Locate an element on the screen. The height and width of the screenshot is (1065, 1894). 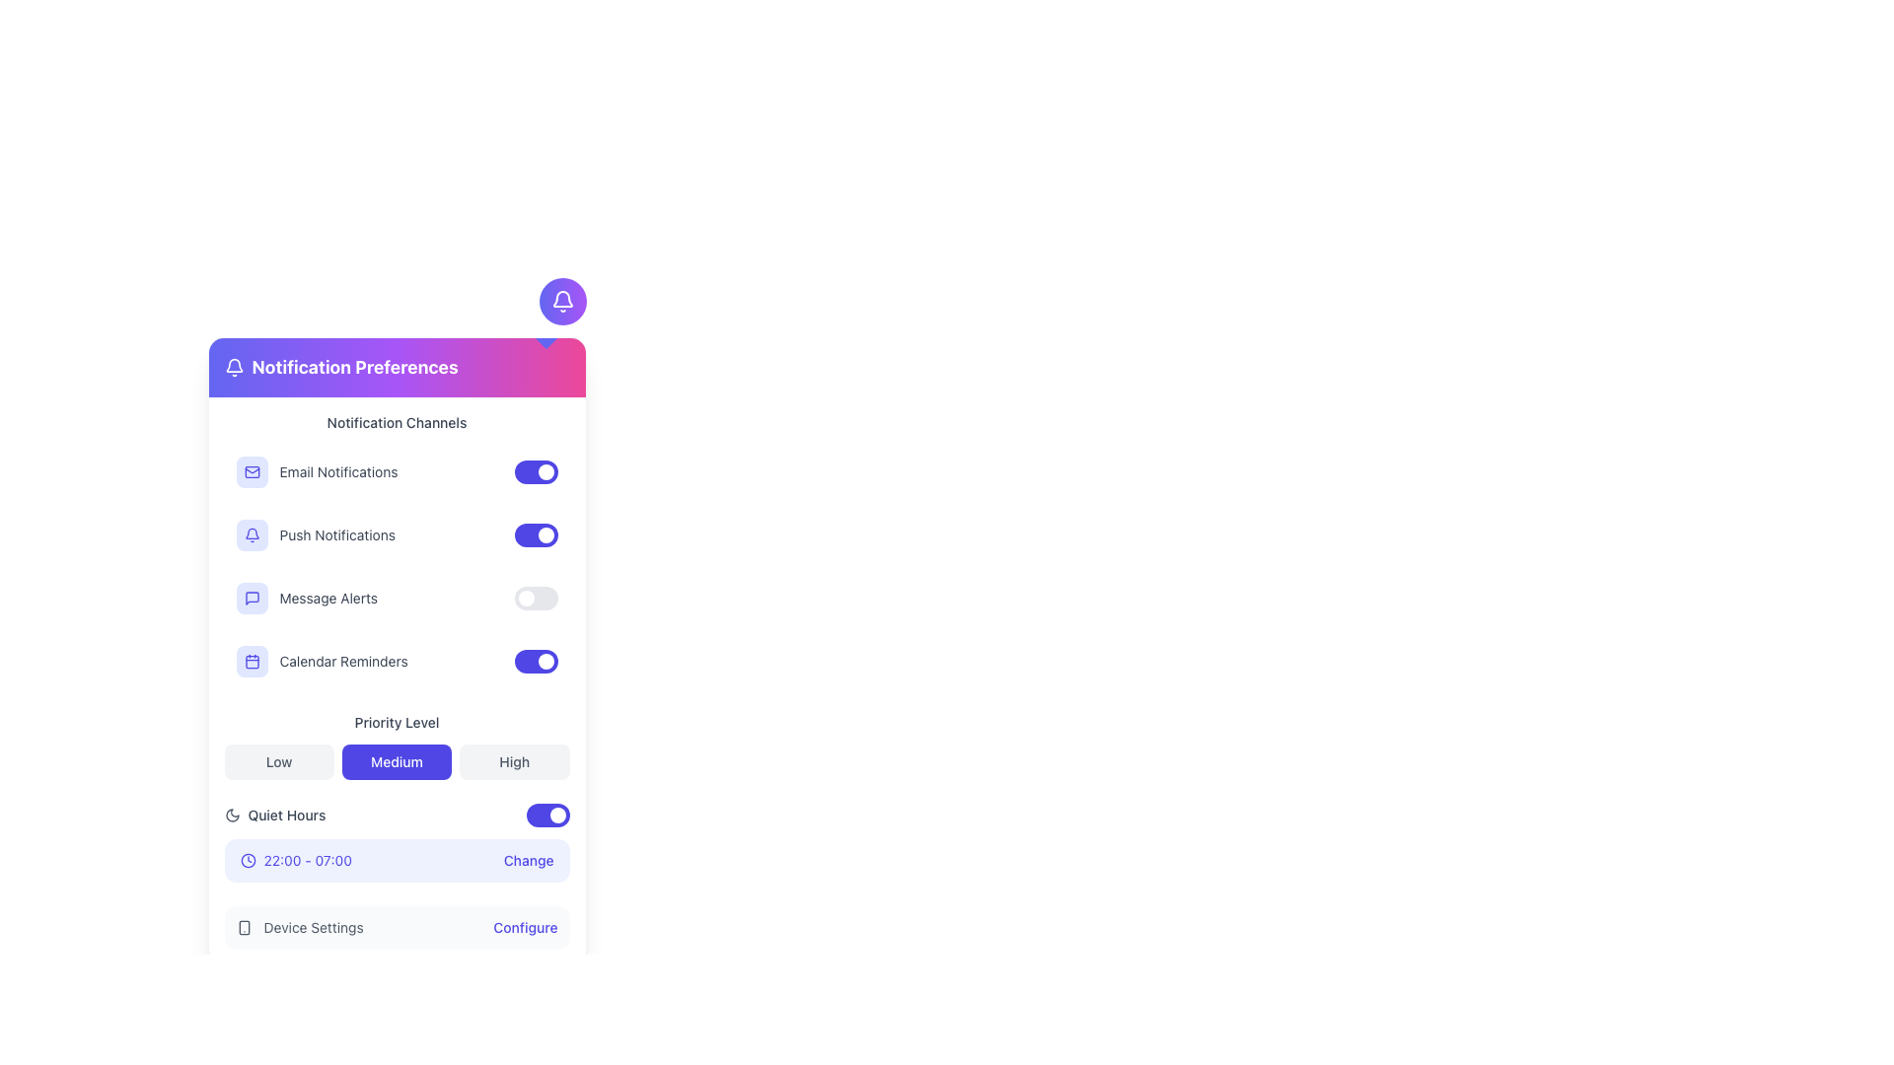
the Icon button with a light indigo background and a purple bell symbol, located above the 'Message Alerts' row and below the 'Email Notifications' row is located at coordinates (251, 535).